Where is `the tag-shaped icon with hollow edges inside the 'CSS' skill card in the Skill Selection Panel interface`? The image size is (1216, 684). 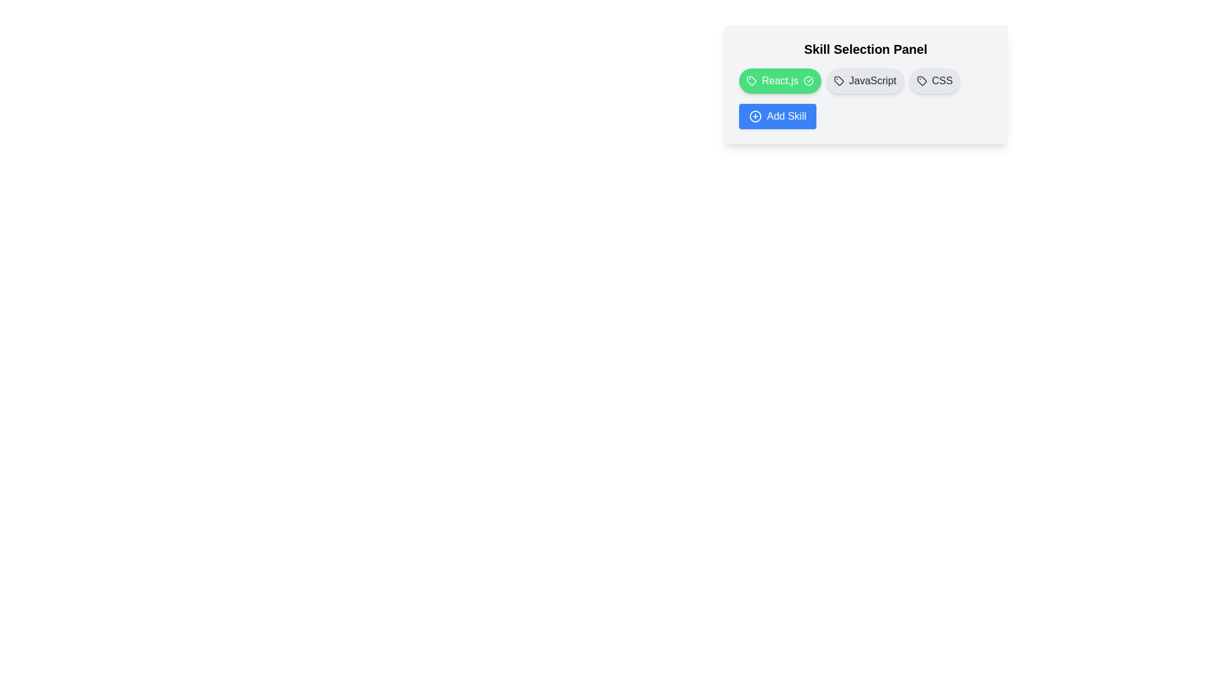 the tag-shaped icon with hollow edges inside the 'CSS' skill card in the Skill Selection Panel interface is located at coordinates (921, 80).